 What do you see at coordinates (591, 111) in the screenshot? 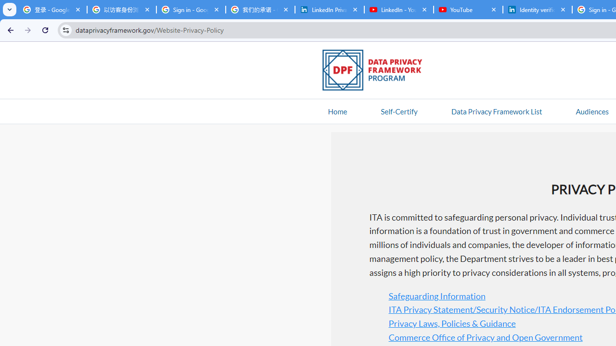
I see `'AutomationID: navitem'` at bounding box center [591, 111].